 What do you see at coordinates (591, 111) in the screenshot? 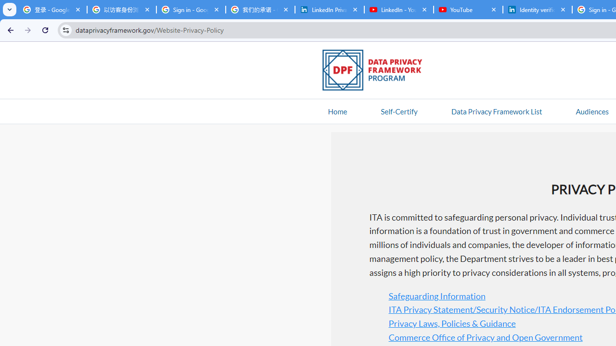
I see `'AutomationID: navitem'` at bounding box center [591, 111].